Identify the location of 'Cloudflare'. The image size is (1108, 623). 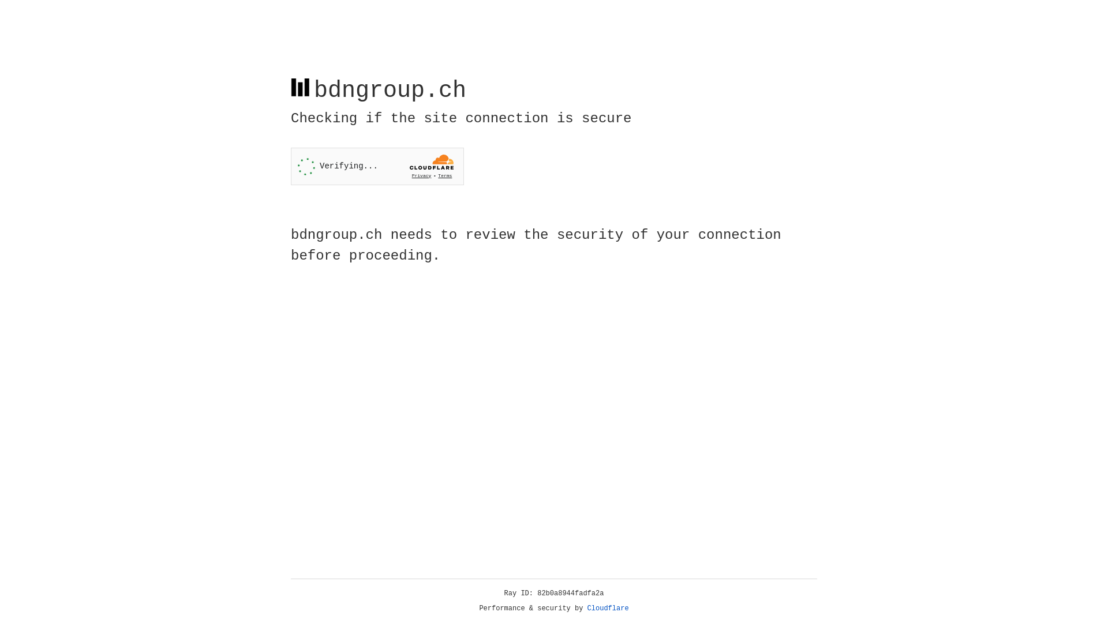
(608, 608).